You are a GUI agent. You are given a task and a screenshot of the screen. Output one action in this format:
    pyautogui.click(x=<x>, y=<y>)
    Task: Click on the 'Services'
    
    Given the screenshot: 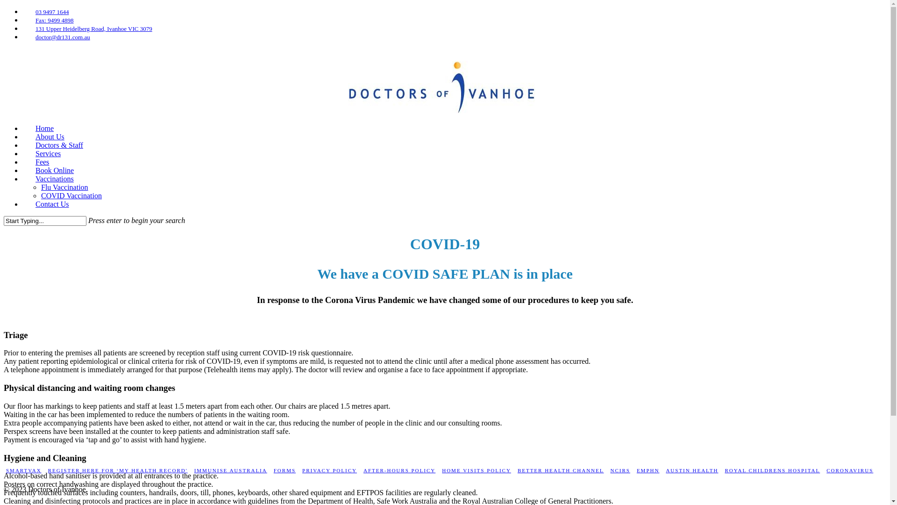 What is the action you would take?
    pyautogui.click(x=47, y=153)
    